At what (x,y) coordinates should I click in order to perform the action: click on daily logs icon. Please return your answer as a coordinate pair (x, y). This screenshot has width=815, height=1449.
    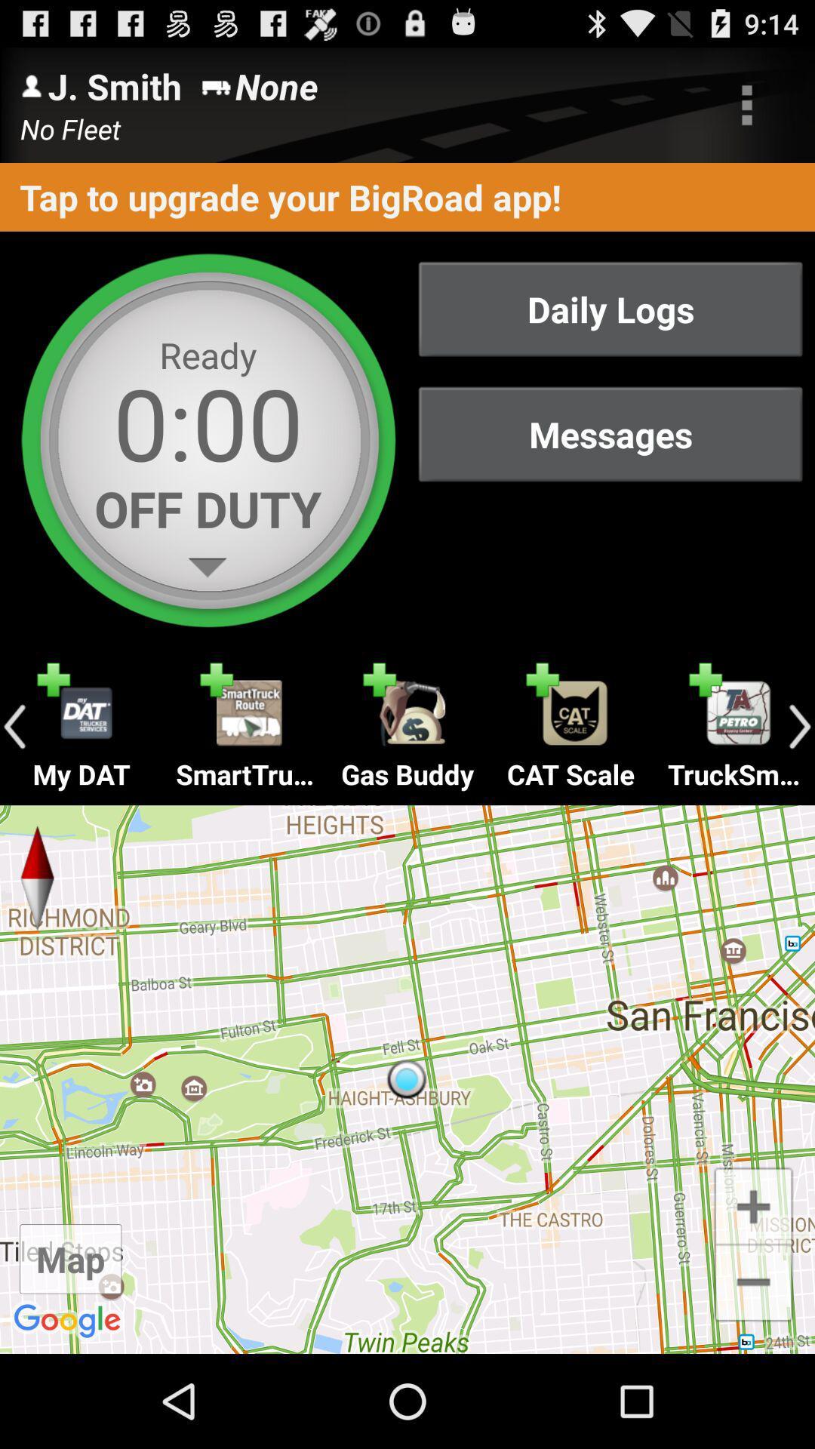
    Looking at the image, I should click on (610, 308).